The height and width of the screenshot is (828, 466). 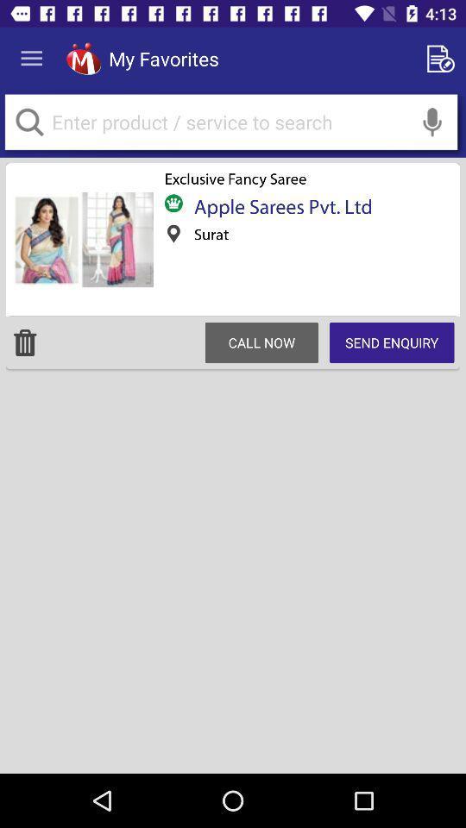 I want to click on the exclusive fancy saree icon, so click(x=235, y=179).